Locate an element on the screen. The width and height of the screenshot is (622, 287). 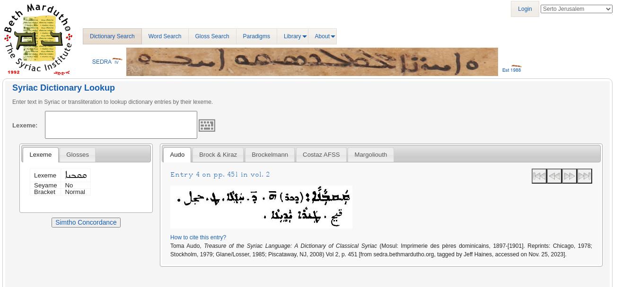
'Costaz AFSS' is located at coordinates (320, 154).